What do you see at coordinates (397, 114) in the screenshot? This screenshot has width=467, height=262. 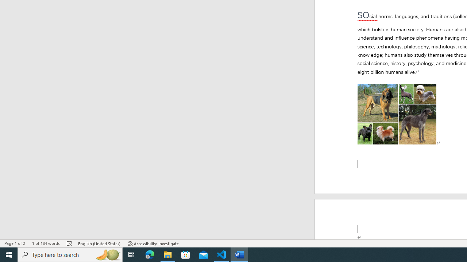 I see `'Morphological variation in six dogs'` at bounding box center [397, 114].